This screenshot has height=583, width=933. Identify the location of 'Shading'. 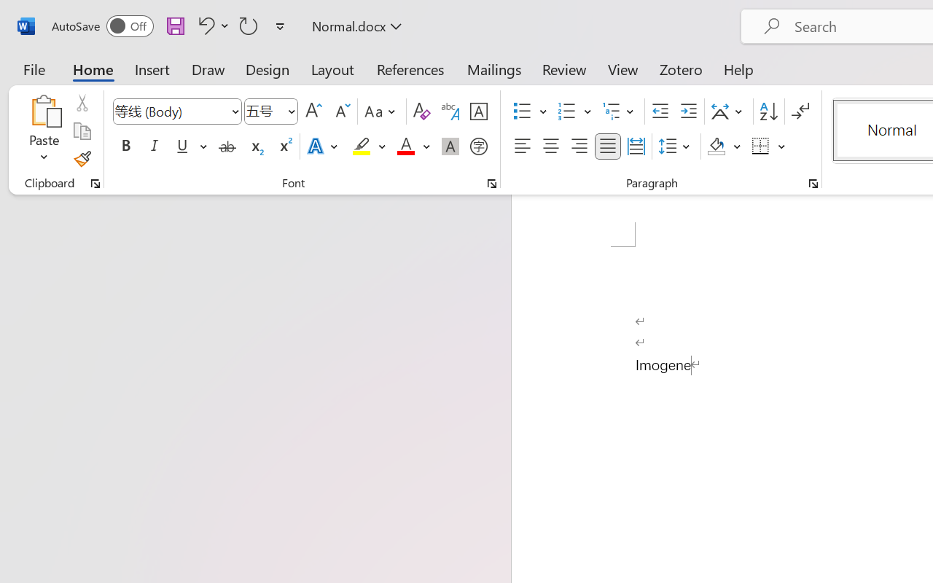
(724, 146).